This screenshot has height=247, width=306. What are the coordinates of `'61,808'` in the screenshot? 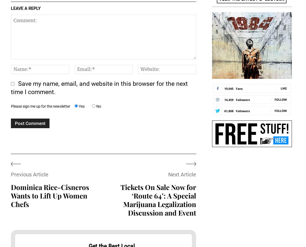 It's located at (228, 110).